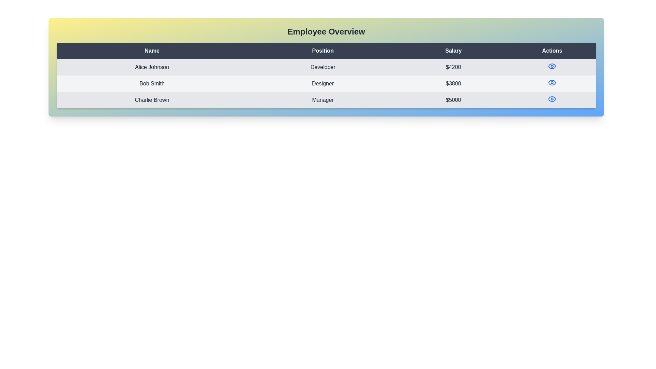 The image size is (656, 369). What do you see at coordinates (152, 67) in the screenshot?
I see `text from the 'Alice Johnson' label located in the 'Name' column of the employee information table` at bounding box center [152, 67].